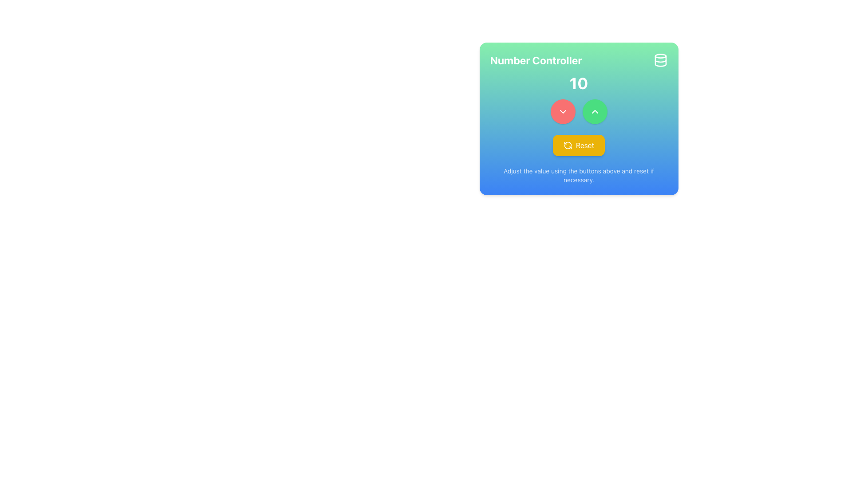 The image size is (852, 479). Describe the element at coordinates (562, 111) in the screenshot. I see `the downward-pointing chevron icon inside the circular red button located on the left side of the circular buttons section` at that location.